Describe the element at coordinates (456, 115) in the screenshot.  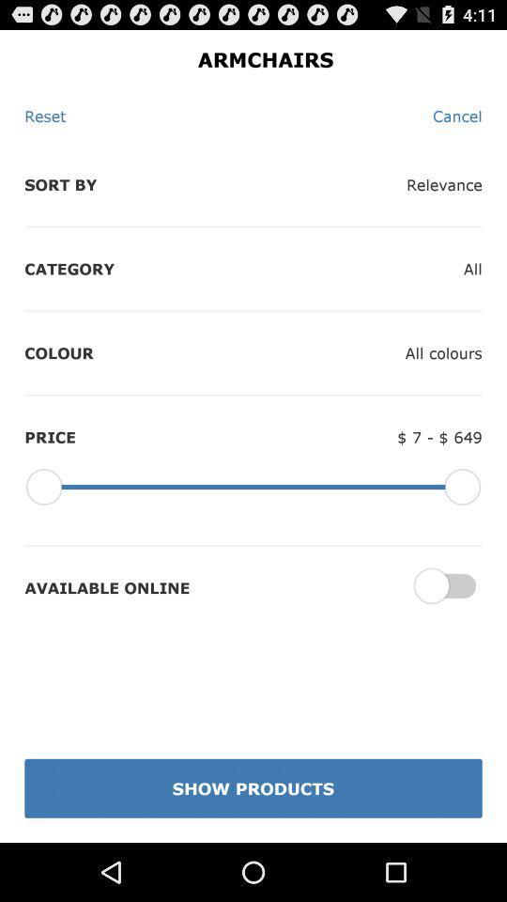
I see `text right to reset` at that location.